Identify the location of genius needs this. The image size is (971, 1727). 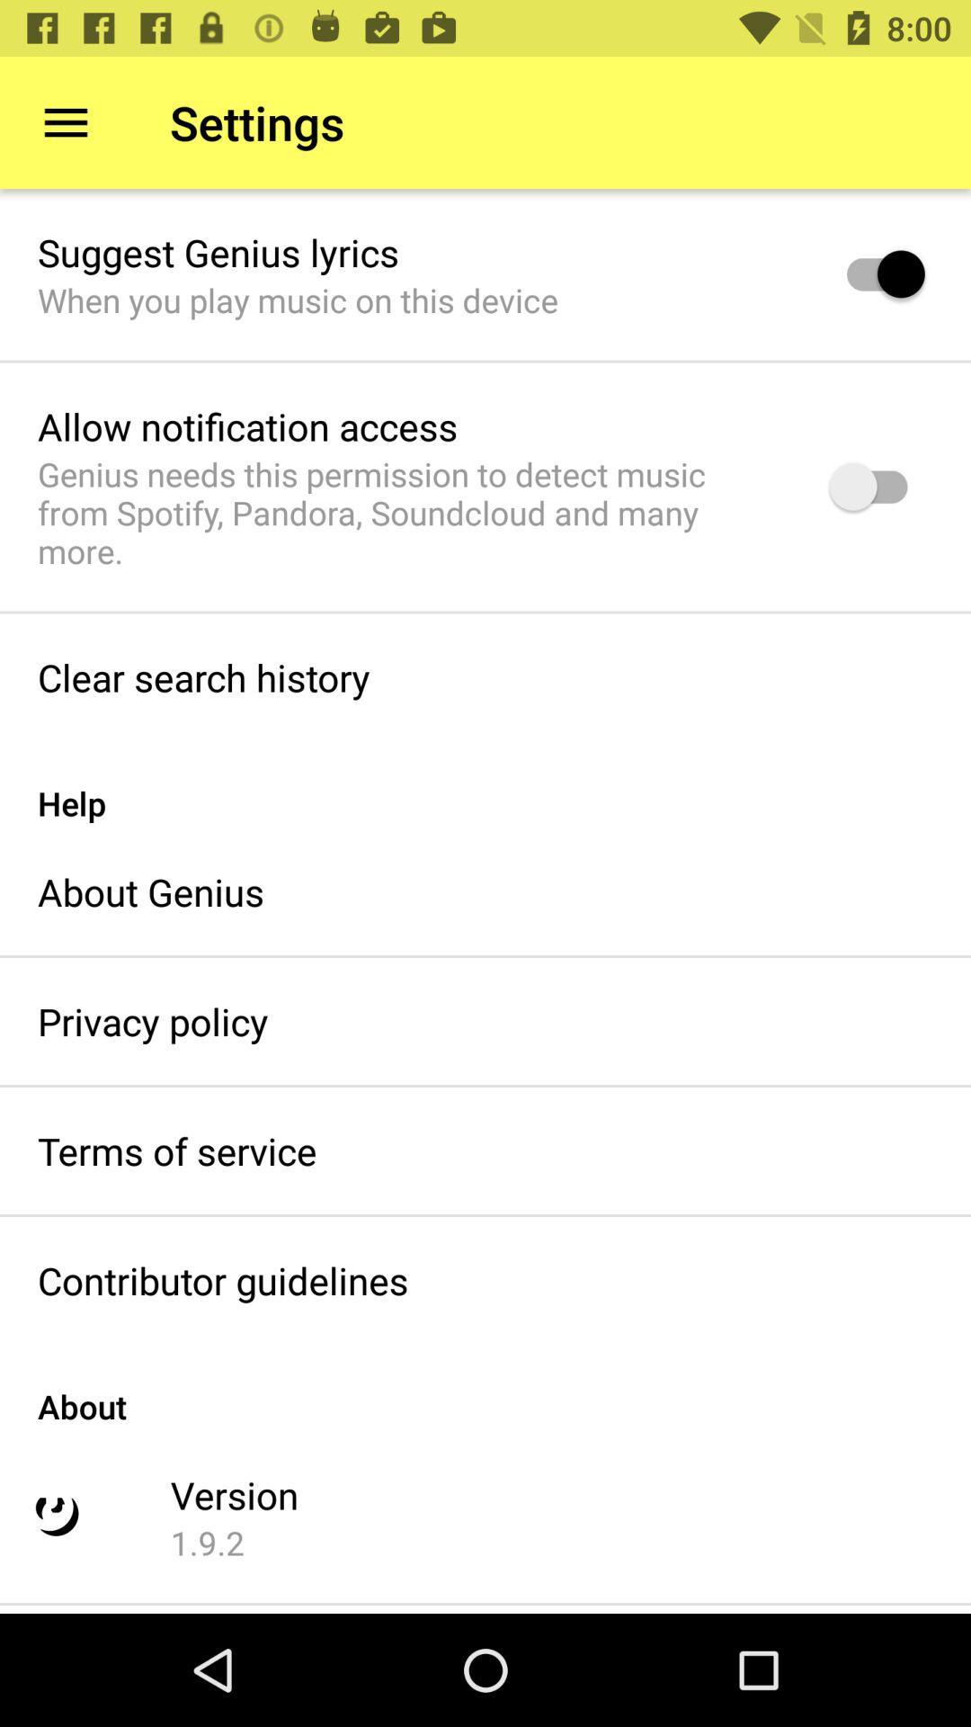
(410, 512).